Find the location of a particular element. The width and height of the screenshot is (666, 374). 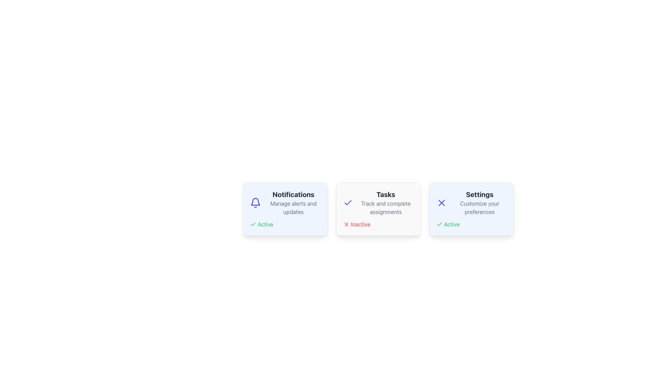

the visual state of the checkmark icon rendered in bold, indigo-blue color within the 'Tasks' card is located at coordinates (348, 203).